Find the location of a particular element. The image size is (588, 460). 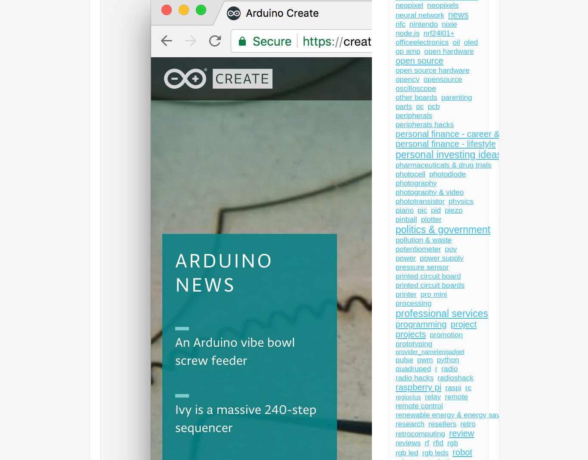

'printer' is located at coordinates (405, 294).